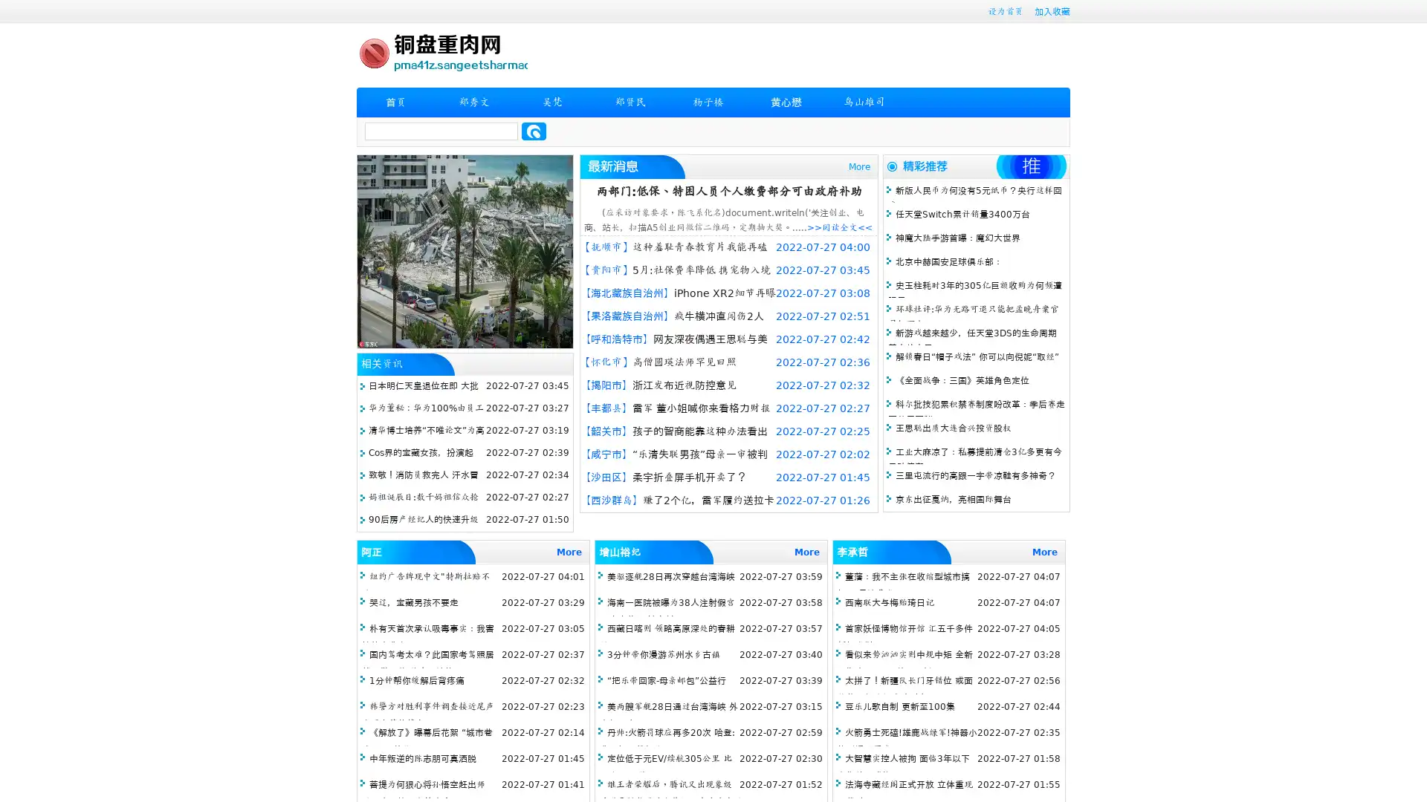  I want to click on Search, so click(534, 131).